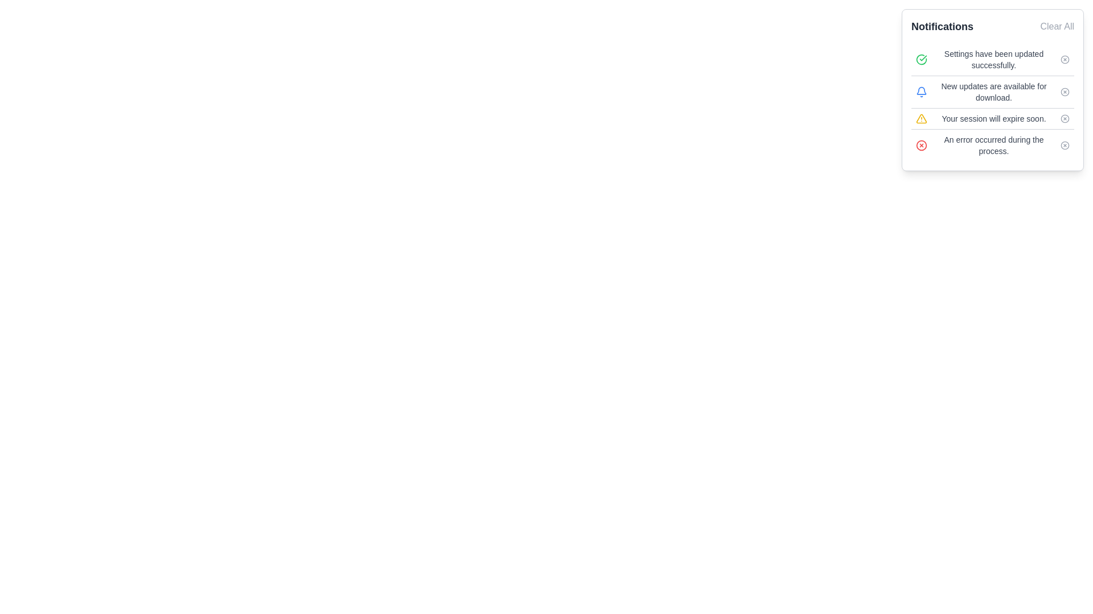  Describe the element at coordinates (992, 91) in the screenshot. I see `the second notification item in the Notifications section` at that location.